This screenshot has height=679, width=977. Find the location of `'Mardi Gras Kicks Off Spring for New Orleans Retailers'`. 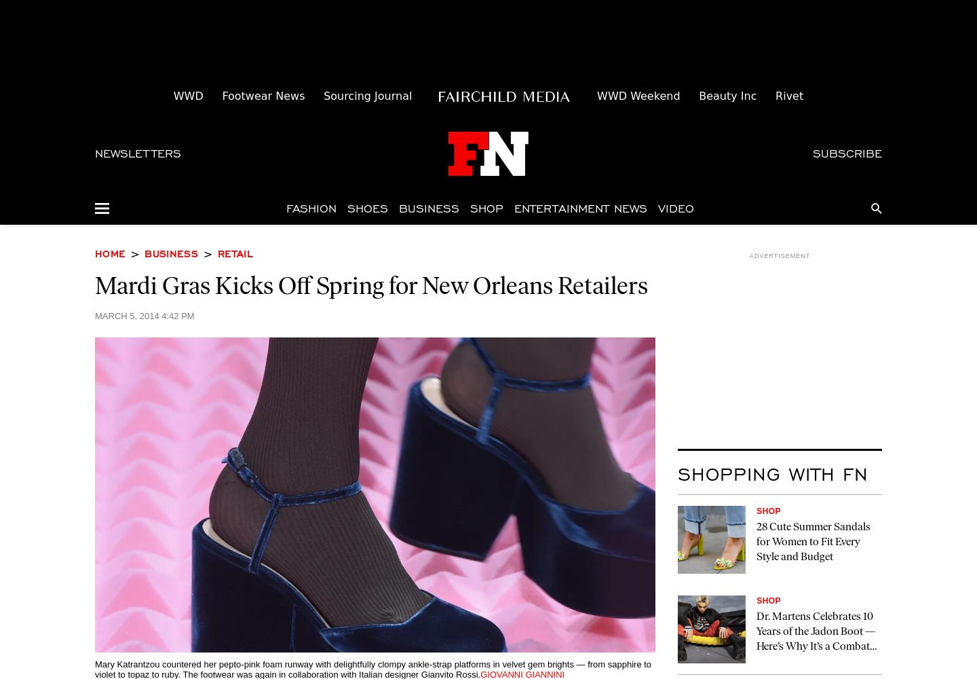

'Mardi Gras Kicks Off Spring for New Orleans Retailers' is located at coordinates (371, 287).